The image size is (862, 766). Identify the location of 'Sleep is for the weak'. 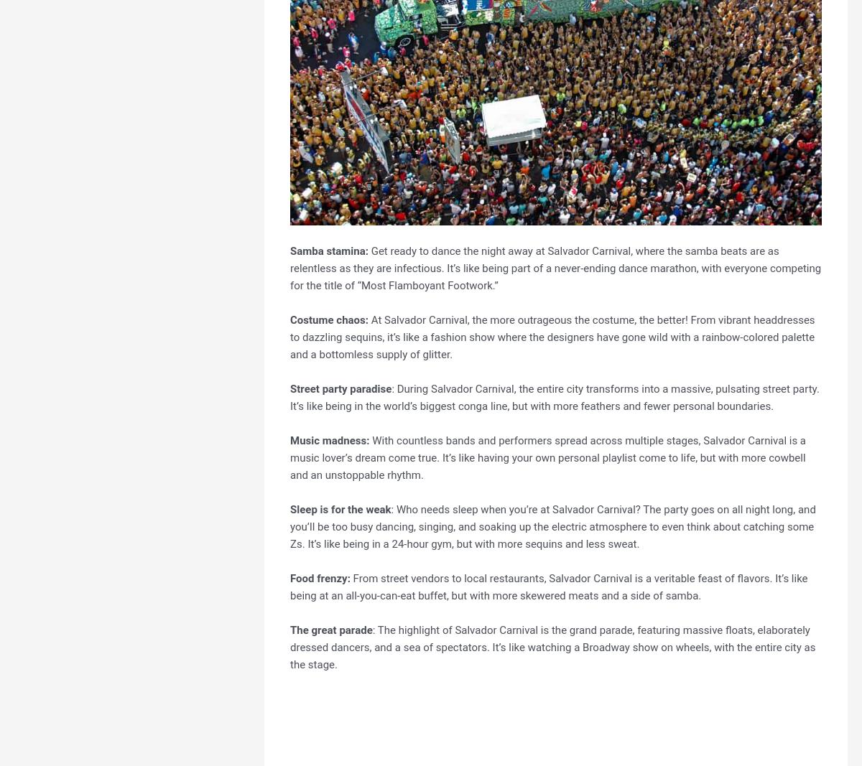
(290, 509).